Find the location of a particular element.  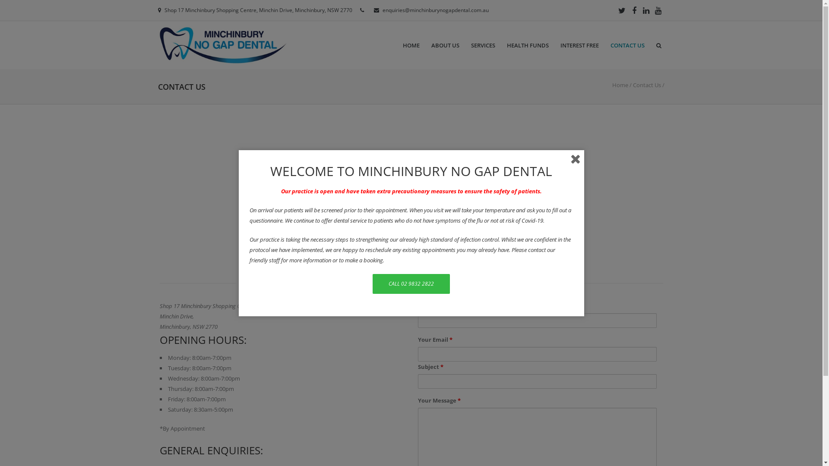

'CALL 02 9832 2822' is located at coordinates (373, 283).